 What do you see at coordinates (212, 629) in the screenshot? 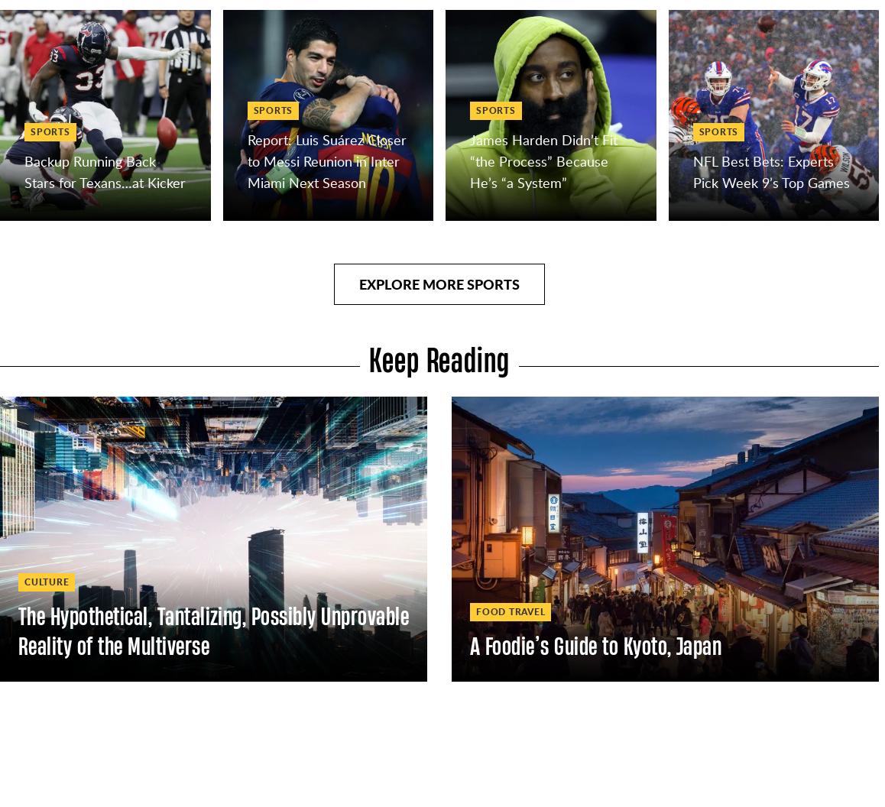
I see `'The Hypothetical, Tantalizing, Possibly Unprovable Reality of the Multiverse'` at bounding box center [212, 629].